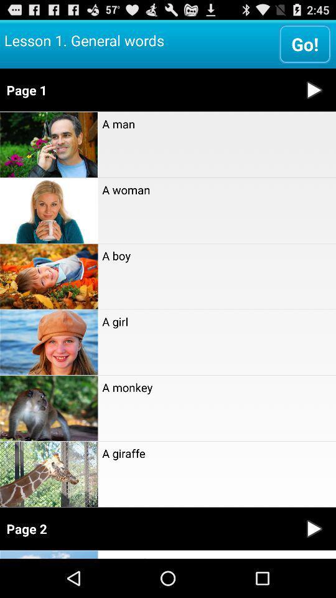 Image resolution: width=336 pixels, height=598 pixels. Describe the element at coordinates (216, 255) in the screenshot. I see `the a boy` at that location.